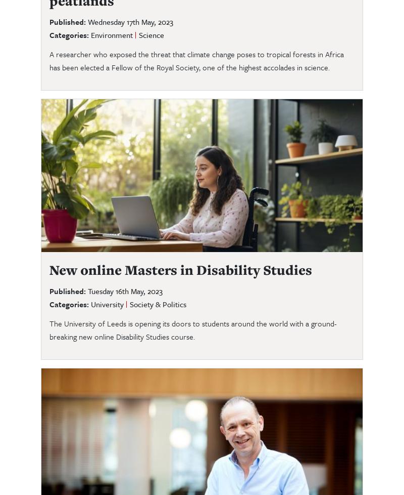 The width and height of the screenshot is (404, 495). Describe the element at coordinates (139, 34) in the screenshot. I see `'Science'` at that location.